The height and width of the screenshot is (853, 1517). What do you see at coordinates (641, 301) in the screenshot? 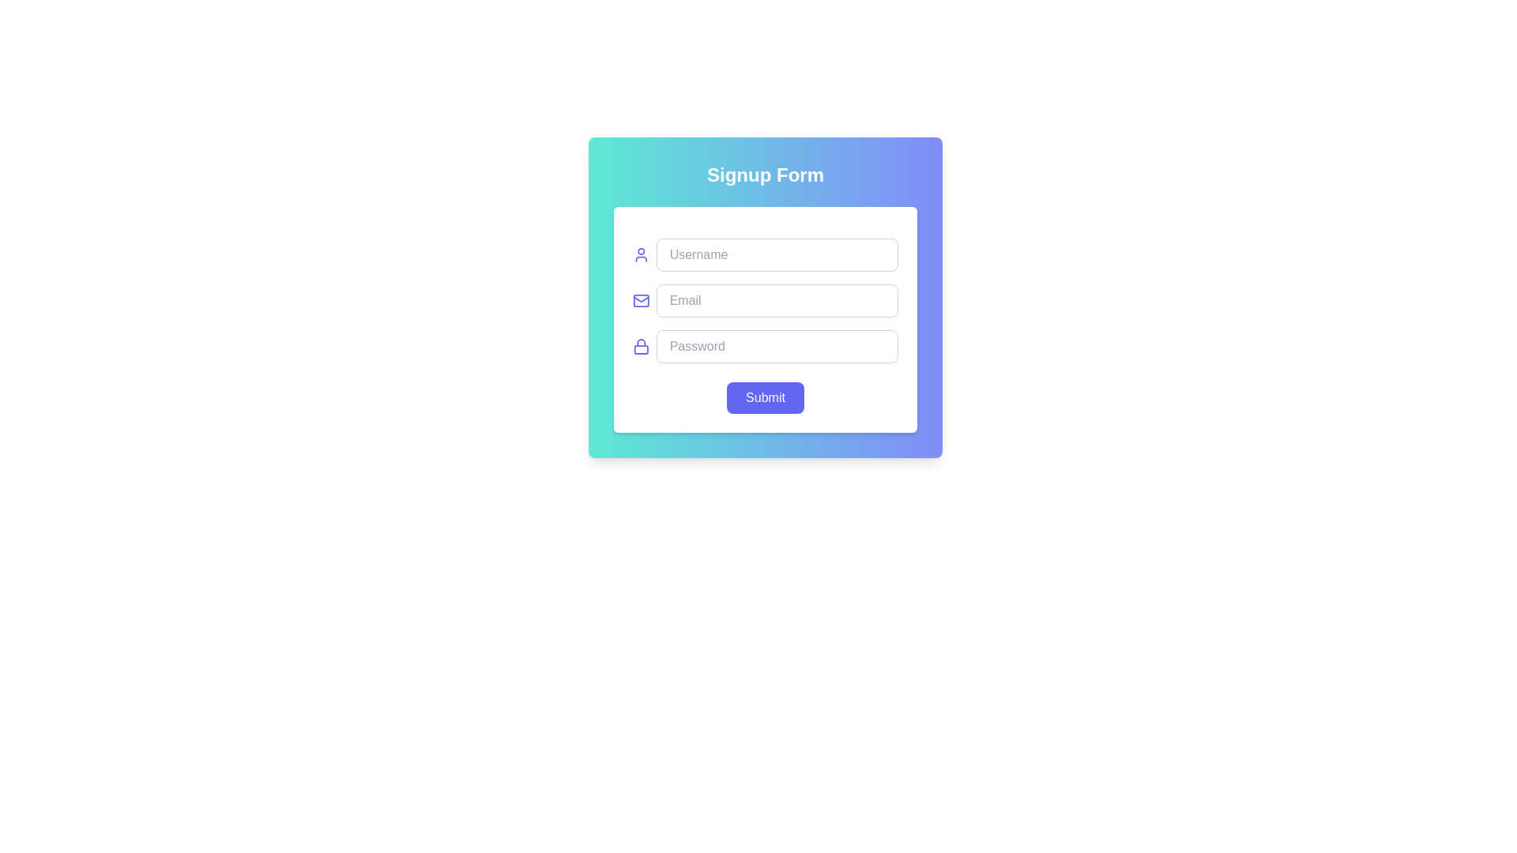
I see `the email icon, which is a modern, outlined envelope styled in indigo, located within the signup form to the left of the email text input field` at bounding box center [641, 301].